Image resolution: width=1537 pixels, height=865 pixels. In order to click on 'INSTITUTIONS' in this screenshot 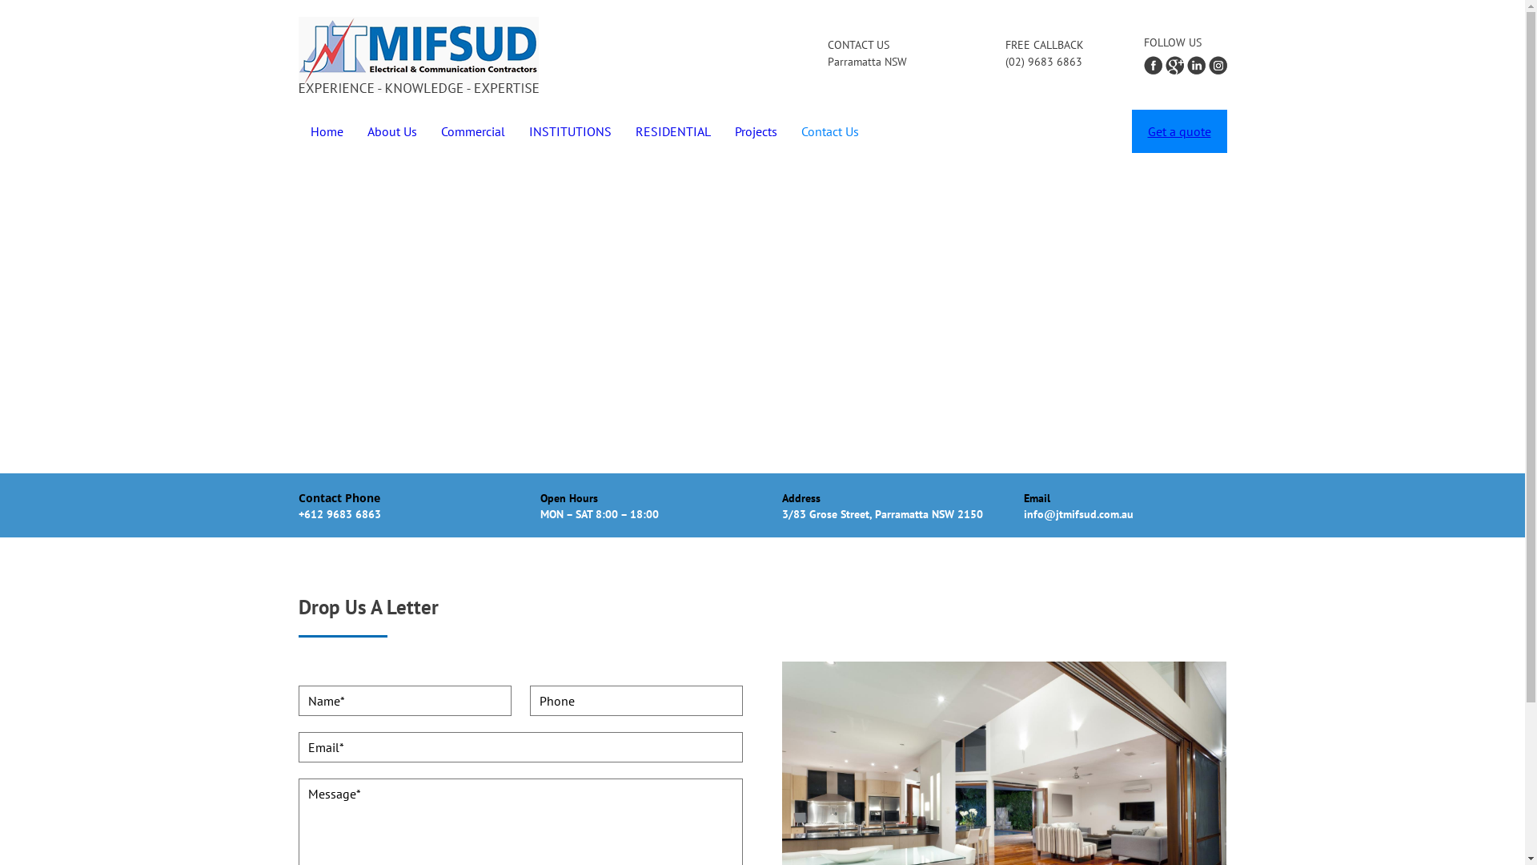, I will do `click(569, 131)`.